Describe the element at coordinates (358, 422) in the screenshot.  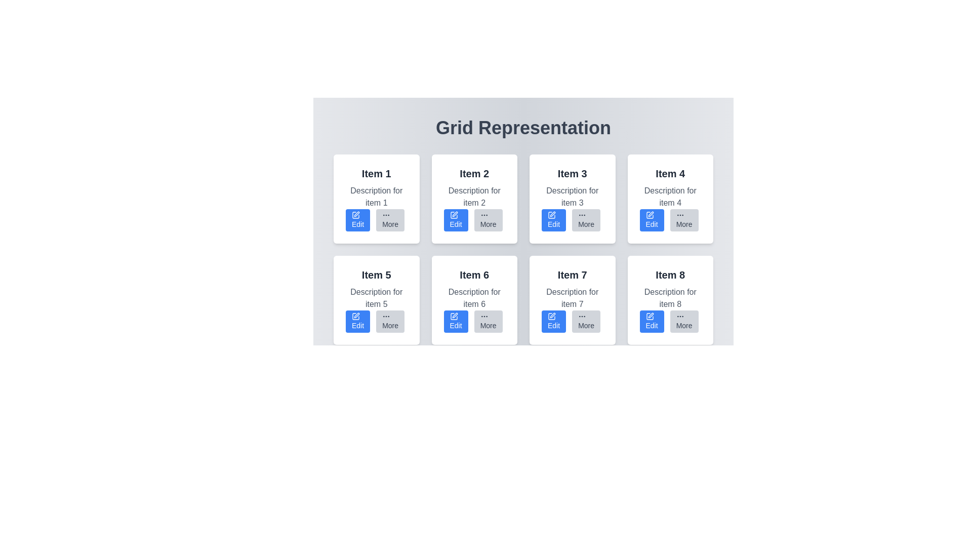
I see `the 'Edit' button located to the left of the 'More' button in the horizontal layout below the 'Item 5' description` at that location.